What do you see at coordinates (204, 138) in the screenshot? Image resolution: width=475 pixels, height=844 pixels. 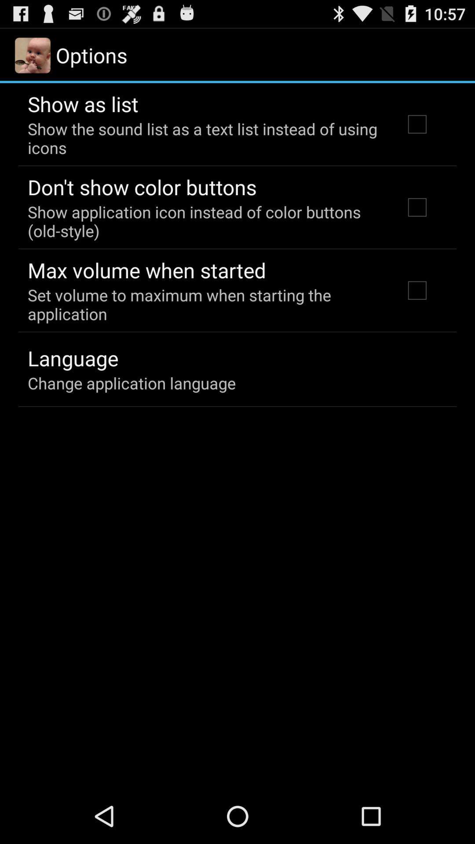 I see `the show the sound` at bounding box center [204, 138].